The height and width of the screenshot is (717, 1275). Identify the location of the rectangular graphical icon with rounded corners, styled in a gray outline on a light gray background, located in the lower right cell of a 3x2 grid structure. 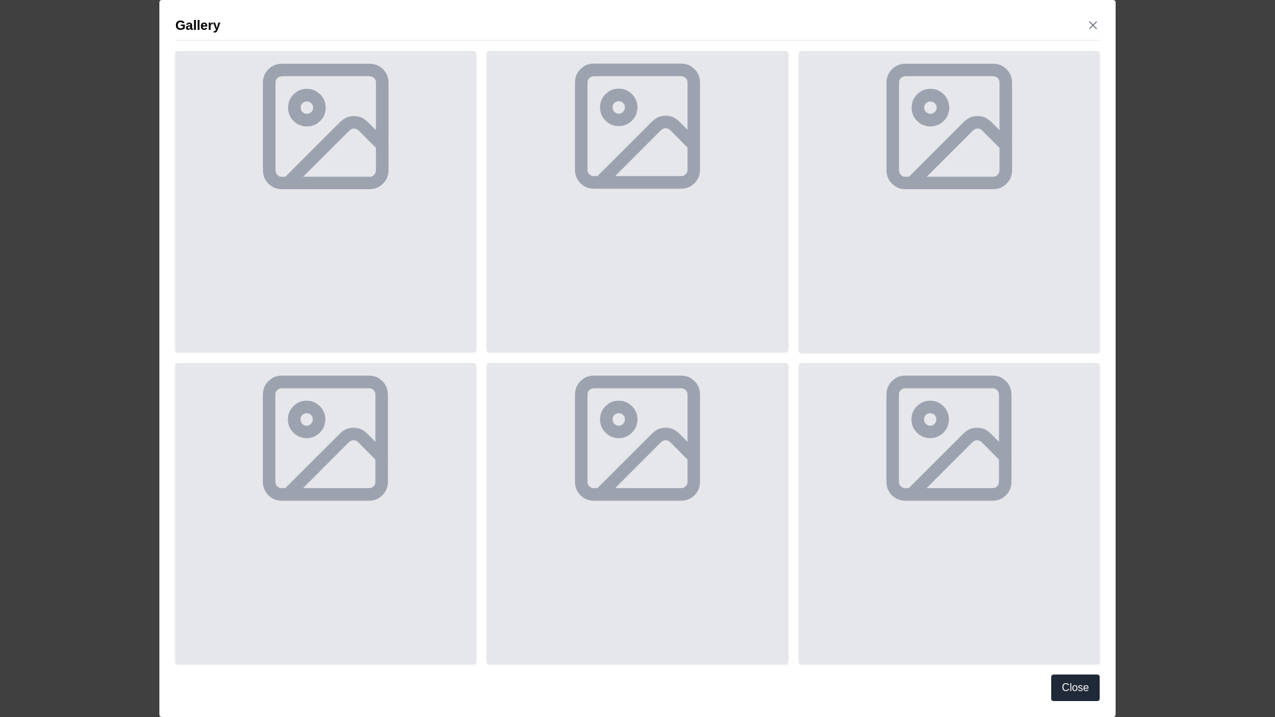
(948, 438).